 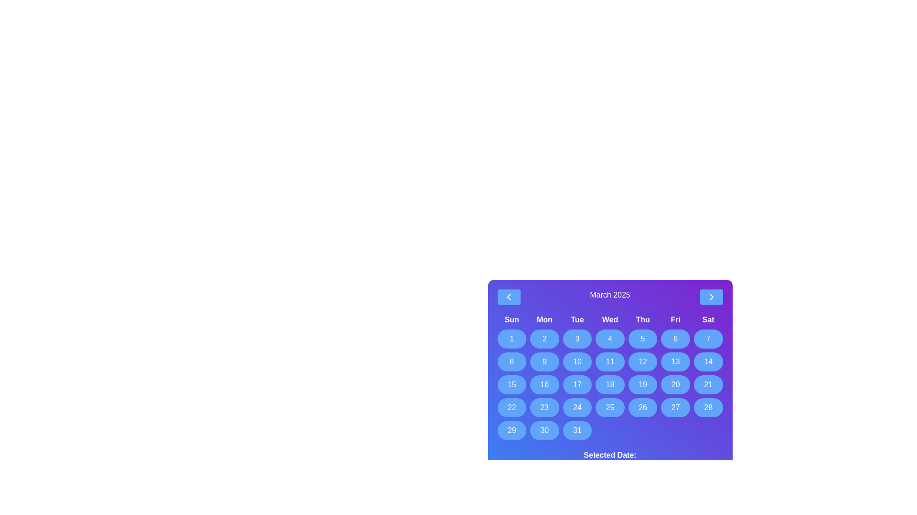 I want to click on the button, so click(x=675, y=408).